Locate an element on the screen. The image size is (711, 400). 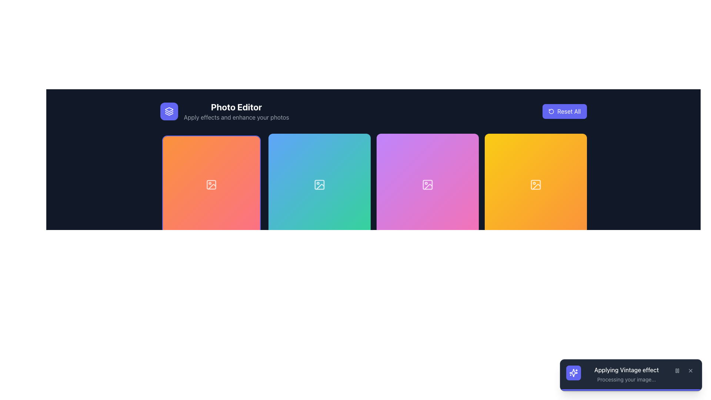
the icon representing an image located centrally within the leftmost orange-to-pink gradient panel is located at coordinates (211, 184).